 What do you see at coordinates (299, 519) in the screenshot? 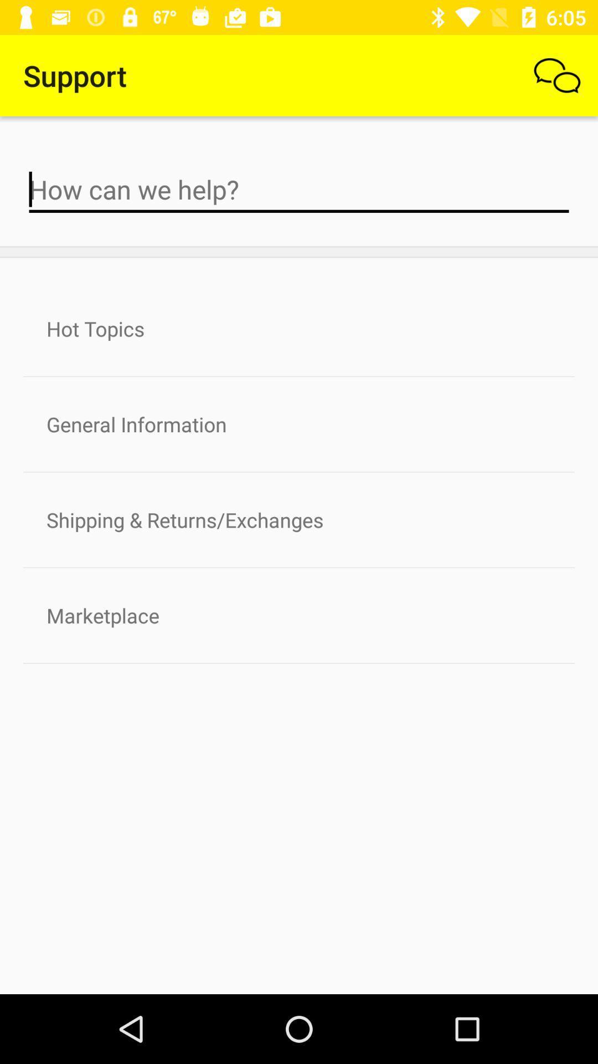
I see `shipping & returns/exchanges item` at bounding box center [299, 519].